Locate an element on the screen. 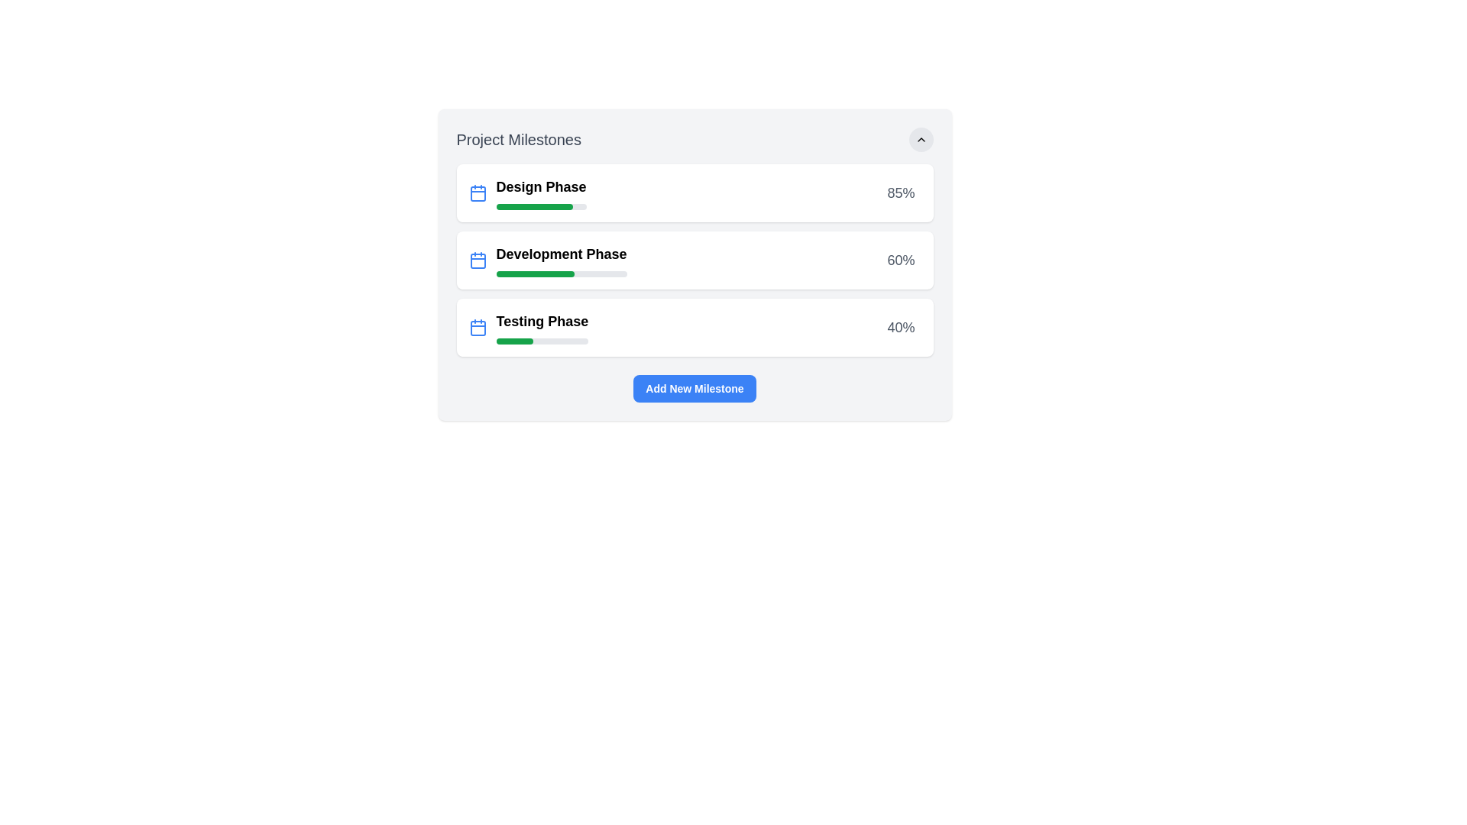 This screenshot has height=825, width=1467. the 'Development Phase' milestone item in the project milestones list is located at coordinates (548, 259).